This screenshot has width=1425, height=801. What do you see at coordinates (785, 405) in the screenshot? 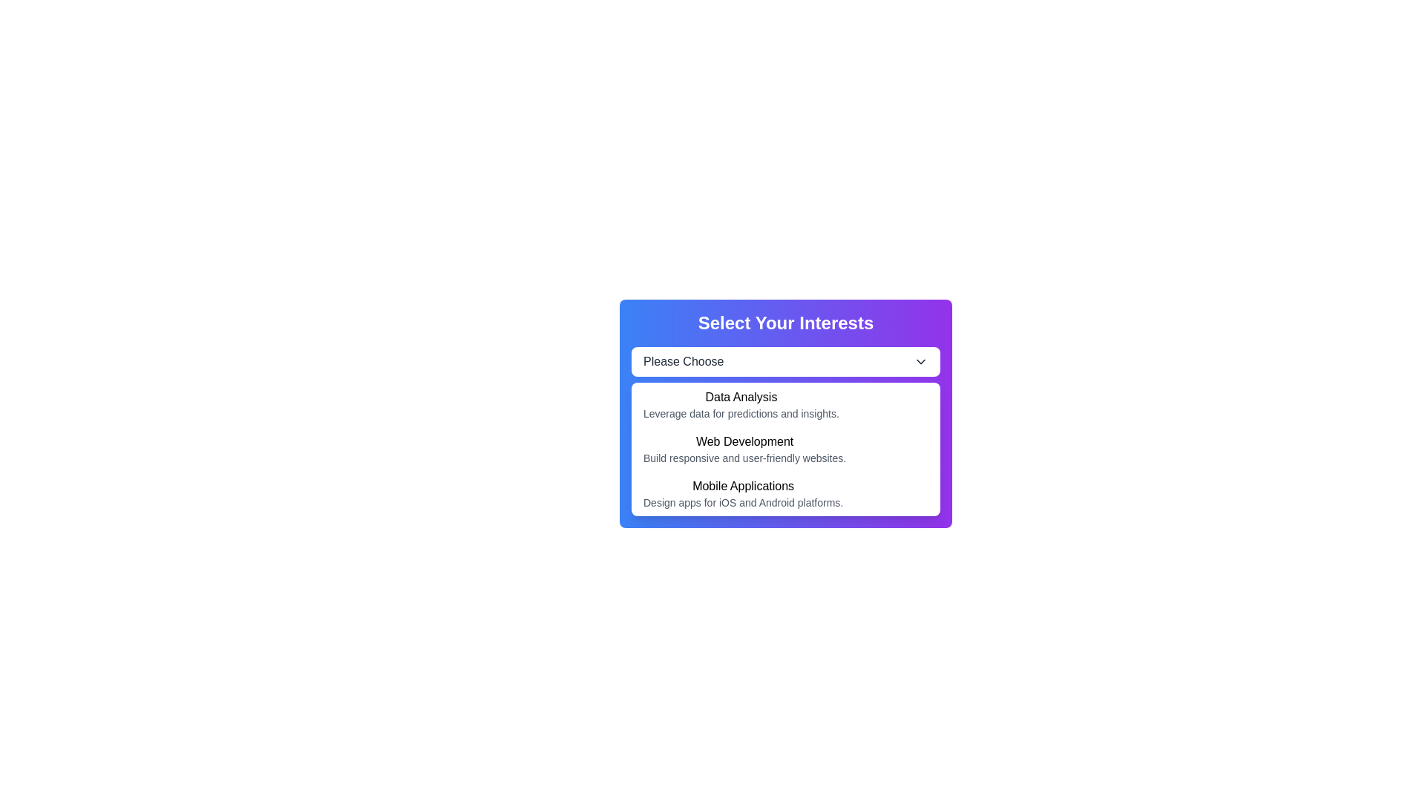
I see `the first selectable option in the dropdown list titled 'Select Your Interests' to trigger its hover state` at bounding box center [785, 405].